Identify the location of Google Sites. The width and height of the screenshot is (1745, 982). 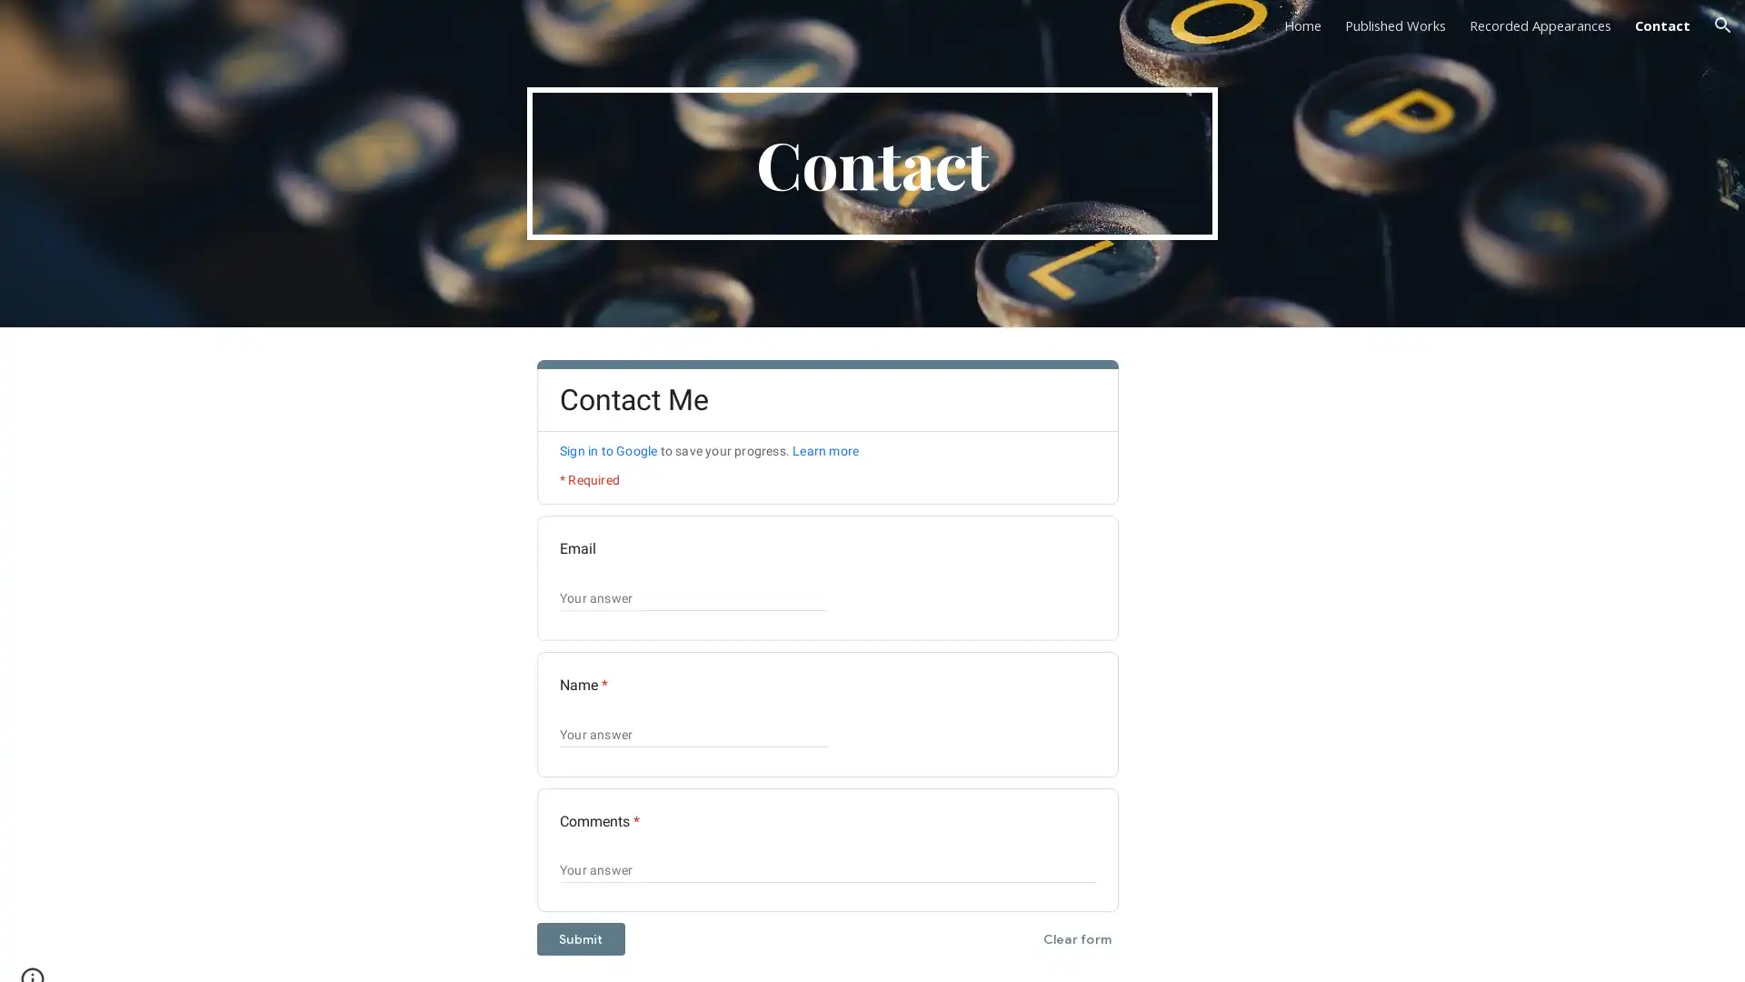
(87, 949).